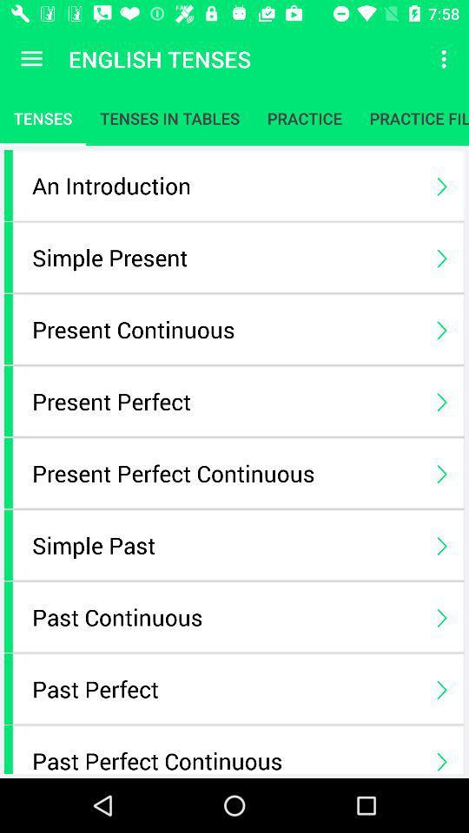 This screenshot has width=469, height=833. Describe the element at coordinates (225, 256) in the screenshot. I see `the simple present icon` at that location.